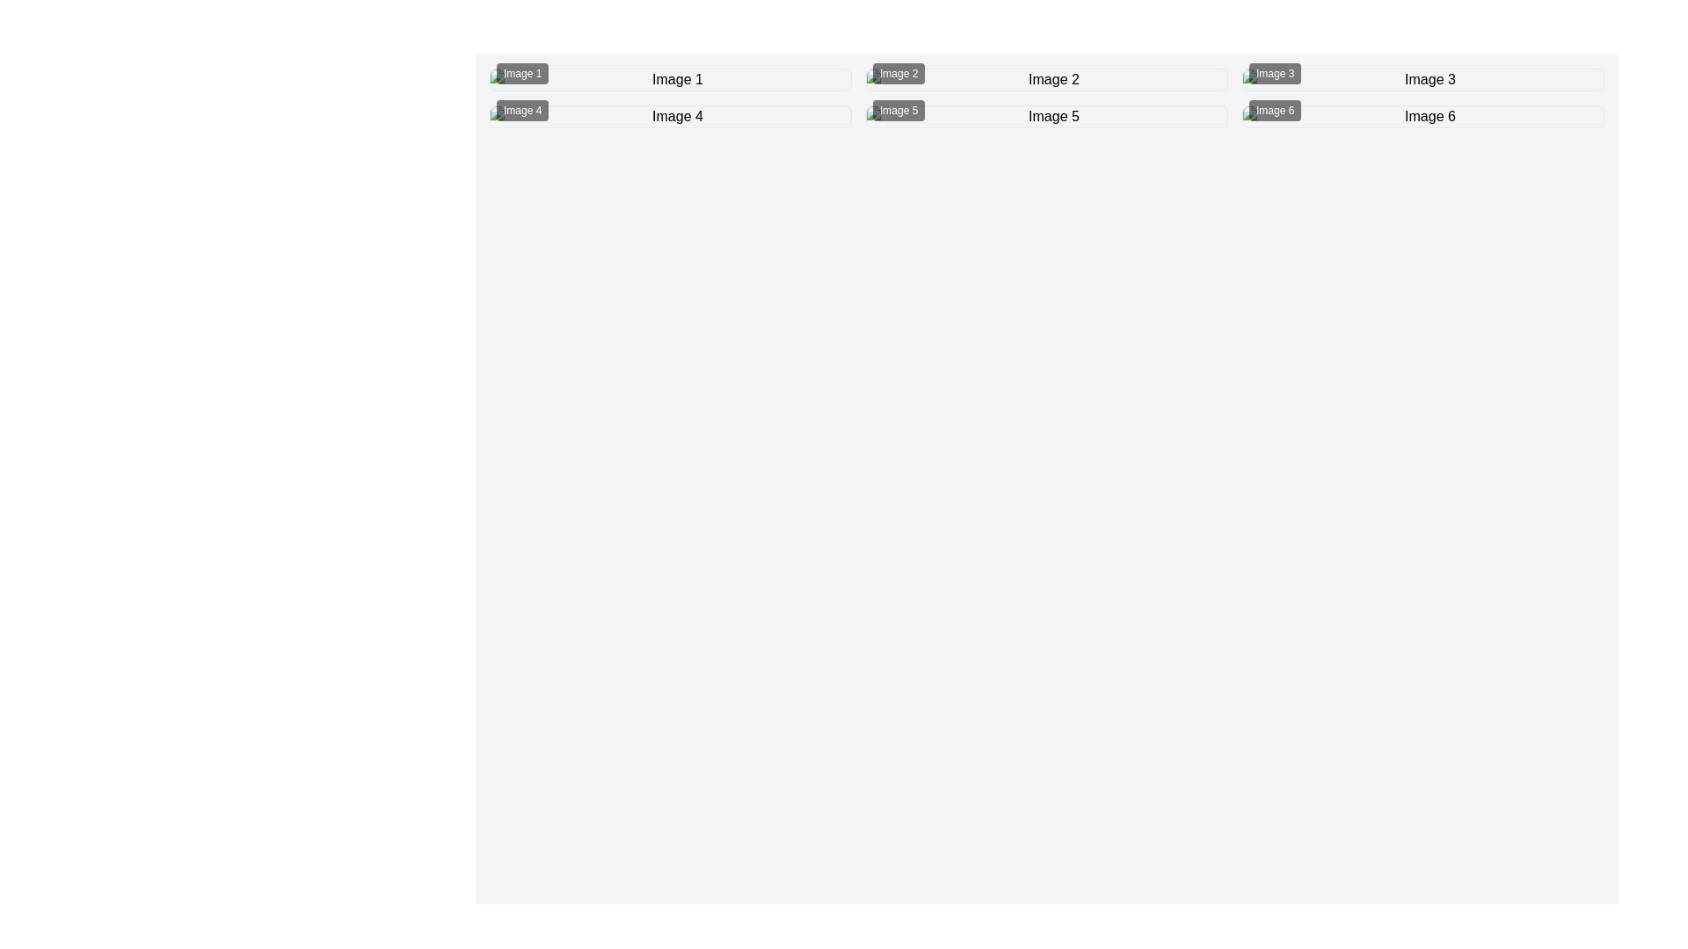  Describe the element at coordinates (1046, 80) in the screenshot. I see `the image preview labeled 'Image 2'` at that location.